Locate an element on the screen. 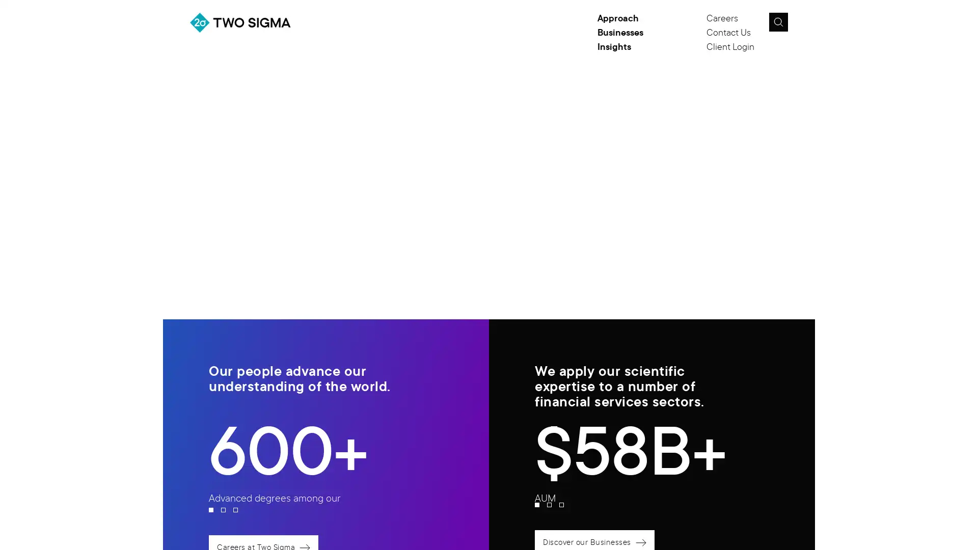  Search is located at coordinates (777, 22).